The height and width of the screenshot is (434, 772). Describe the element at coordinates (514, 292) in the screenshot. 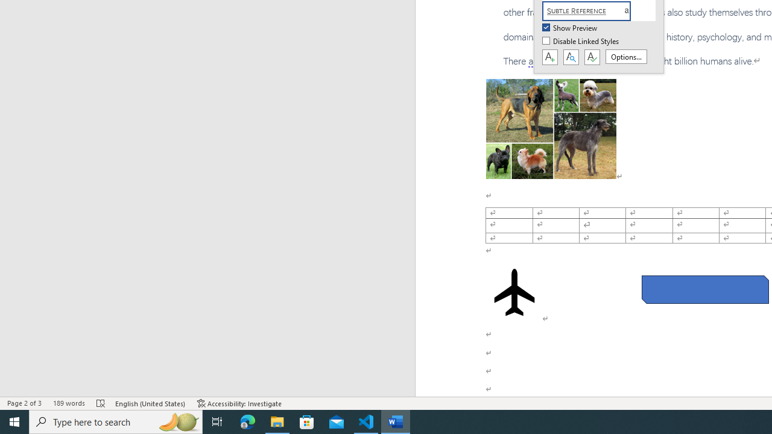

I see `'Airplane with solid fill'` at that location.